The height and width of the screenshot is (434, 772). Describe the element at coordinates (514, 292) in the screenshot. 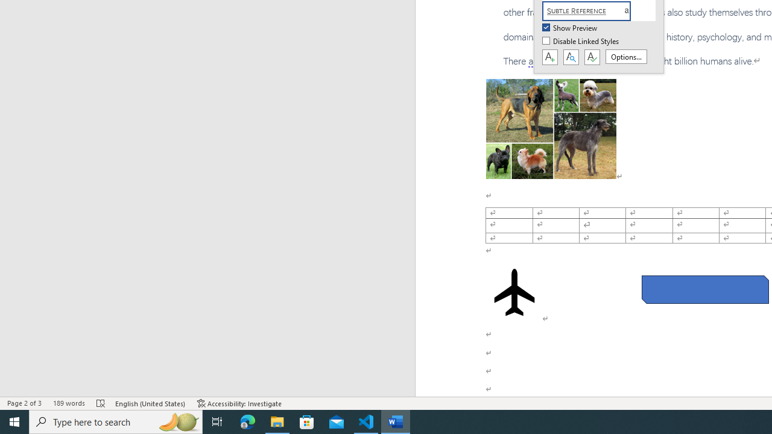

I see `'Airplane with solid fill'` at that location.